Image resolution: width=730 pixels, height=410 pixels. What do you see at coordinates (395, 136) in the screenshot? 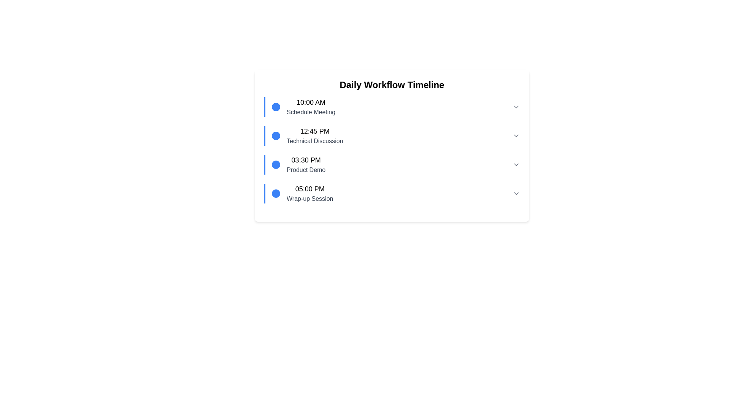
I see `the Expandable Timeline Item containing '12:45 PM Technical Discussion'` at bounding box center [395, 136].